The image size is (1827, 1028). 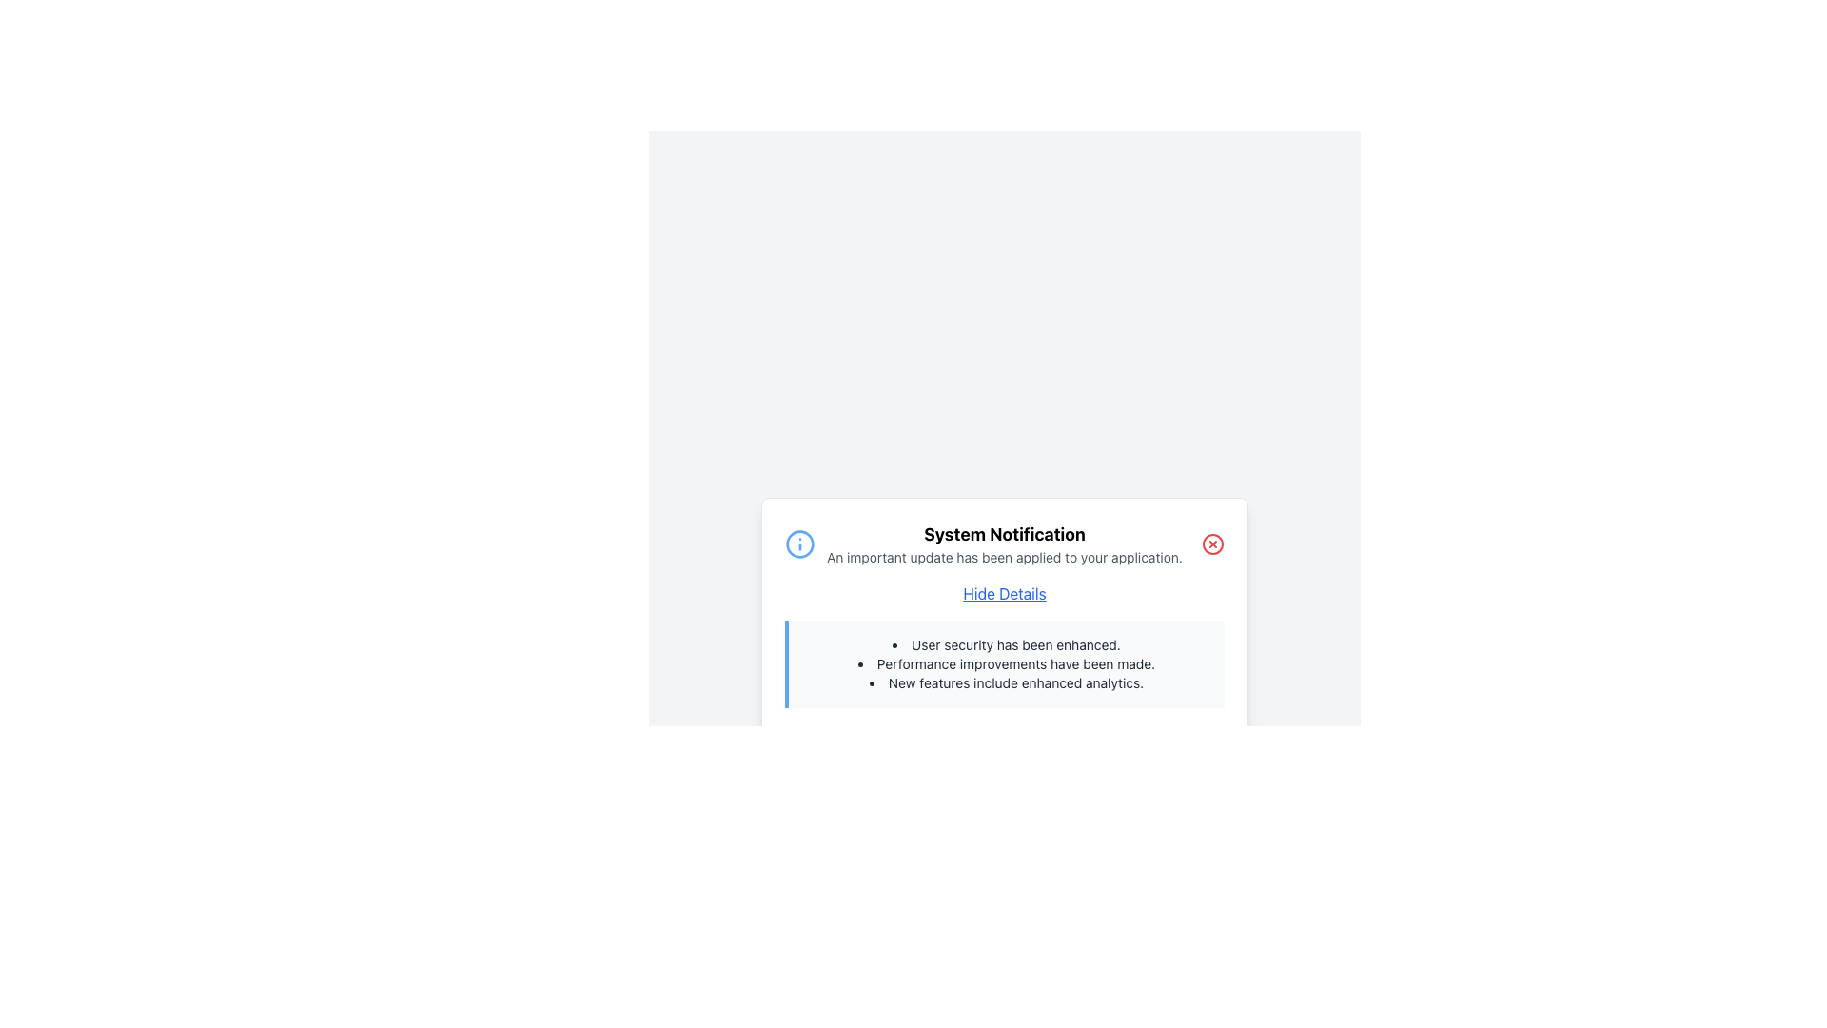 What do you see at coordinates (1005, 682) in the screenshot?
I see `the text element that reads 'New features include enhanced analytics.' in the bullet-point list to possibly reveal additional information` at bounding box center [1005, 682].